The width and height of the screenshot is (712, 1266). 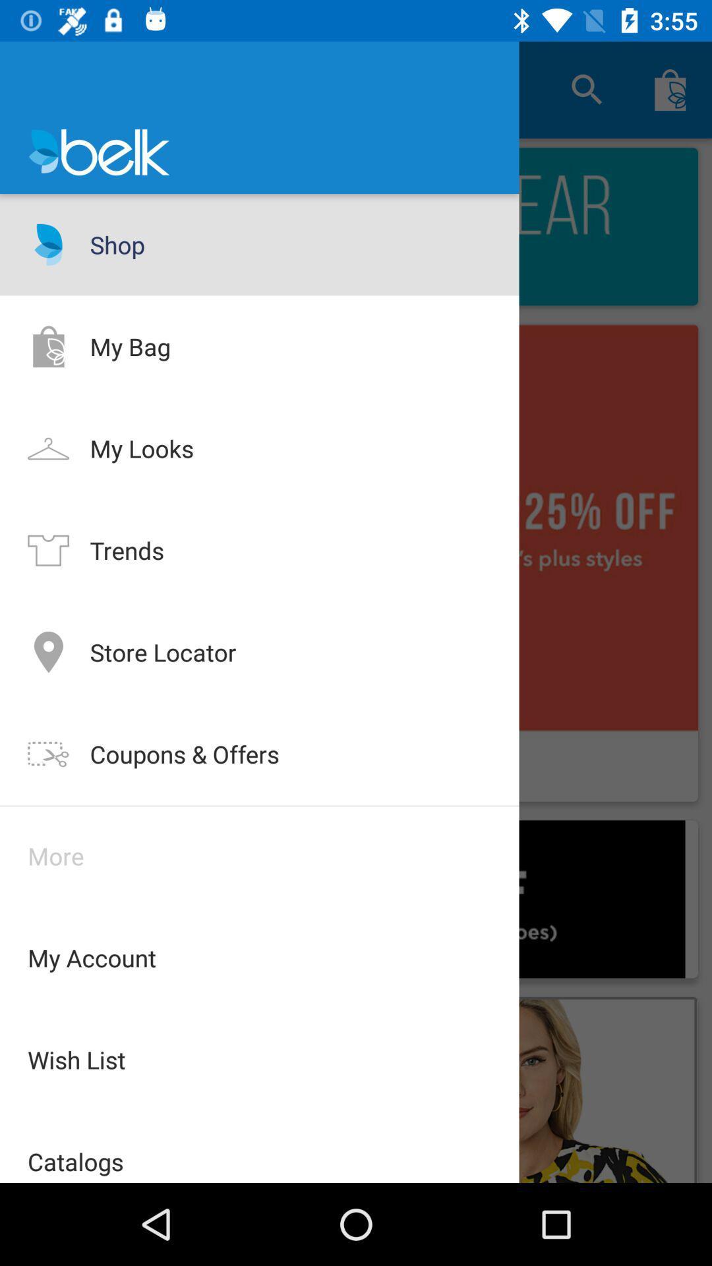 What do you see at coordinates (47, 550) in the screenshot?
I see `the trends icon` at bounding box center [47, 550].